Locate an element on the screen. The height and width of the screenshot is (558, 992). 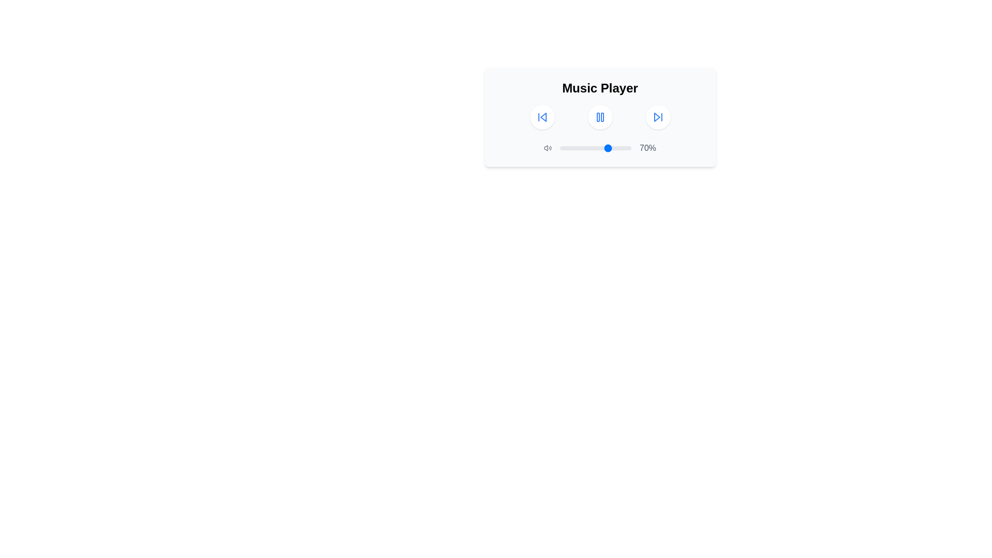
the leftmost triangular arrow button in the media playback controls of the 'Music Player' section is located at coordinates (542, 117).